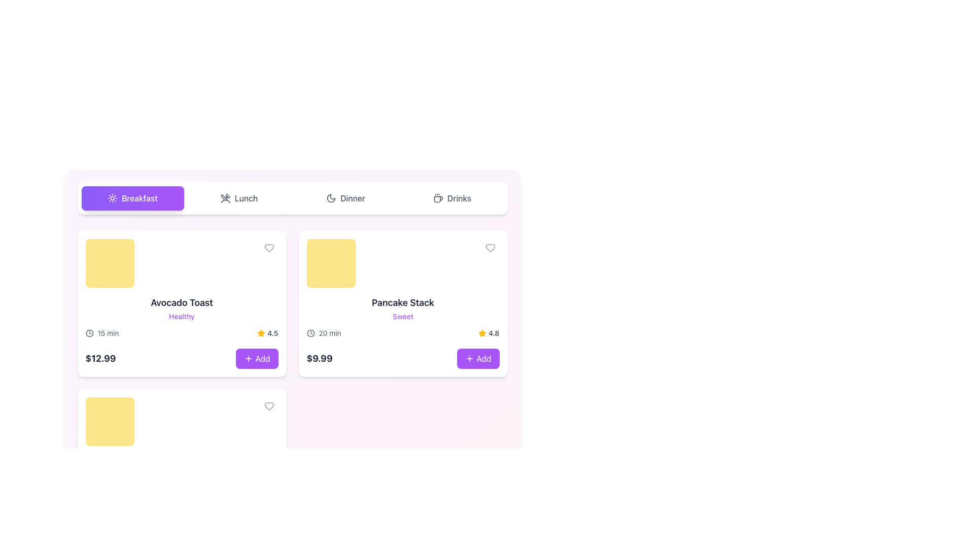 The height and width of the screenshot is (548, 974). Describe the element at coordinates (345, 198) in the screenshot. I see `the "Dinner" button, which features a crescent moon icon on the left and the text styled in gray on its right` at that location.